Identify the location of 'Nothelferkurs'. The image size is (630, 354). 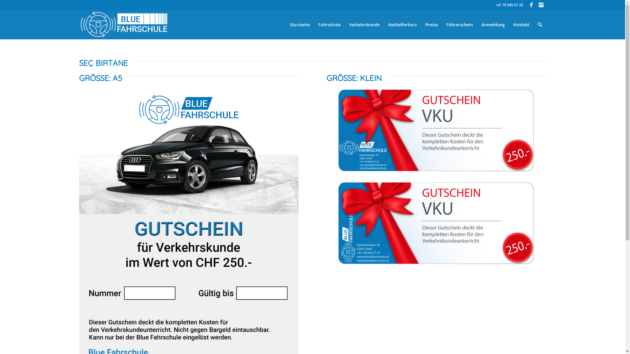
(384, 24).